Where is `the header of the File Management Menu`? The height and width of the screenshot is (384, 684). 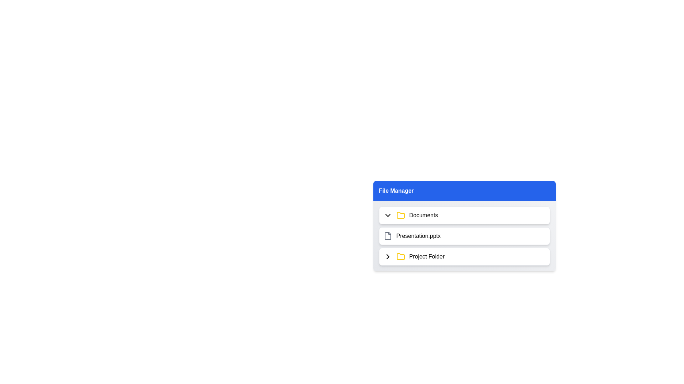
the header of the File Management Menu is located at coordinates (464, 190).